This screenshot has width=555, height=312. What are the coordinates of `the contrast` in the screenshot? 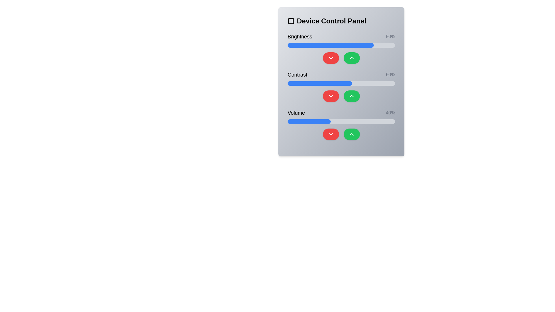 It's located at (326, 83).